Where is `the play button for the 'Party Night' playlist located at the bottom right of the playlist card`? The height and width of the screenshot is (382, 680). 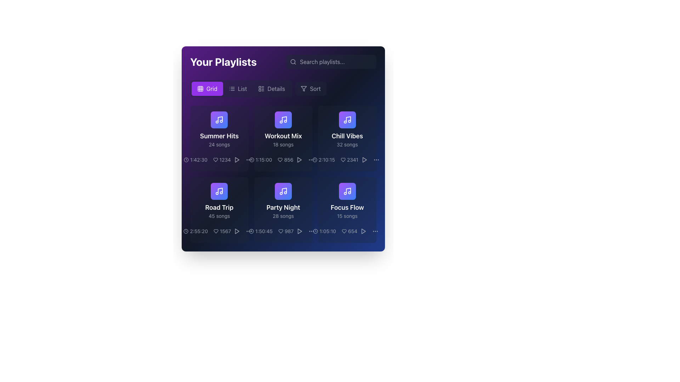
the play button for the 'Party Night' playlist located at the bottom right of the playlist card is located at coordinates (300, 231).